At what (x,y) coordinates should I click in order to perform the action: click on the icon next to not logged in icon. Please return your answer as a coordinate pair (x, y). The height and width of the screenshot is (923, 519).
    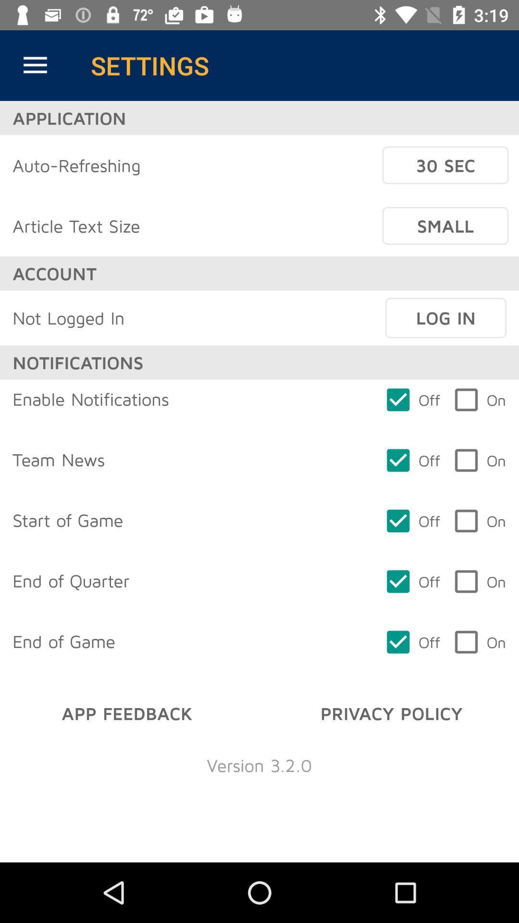
    Looking at the image, I should click on (445, 318).